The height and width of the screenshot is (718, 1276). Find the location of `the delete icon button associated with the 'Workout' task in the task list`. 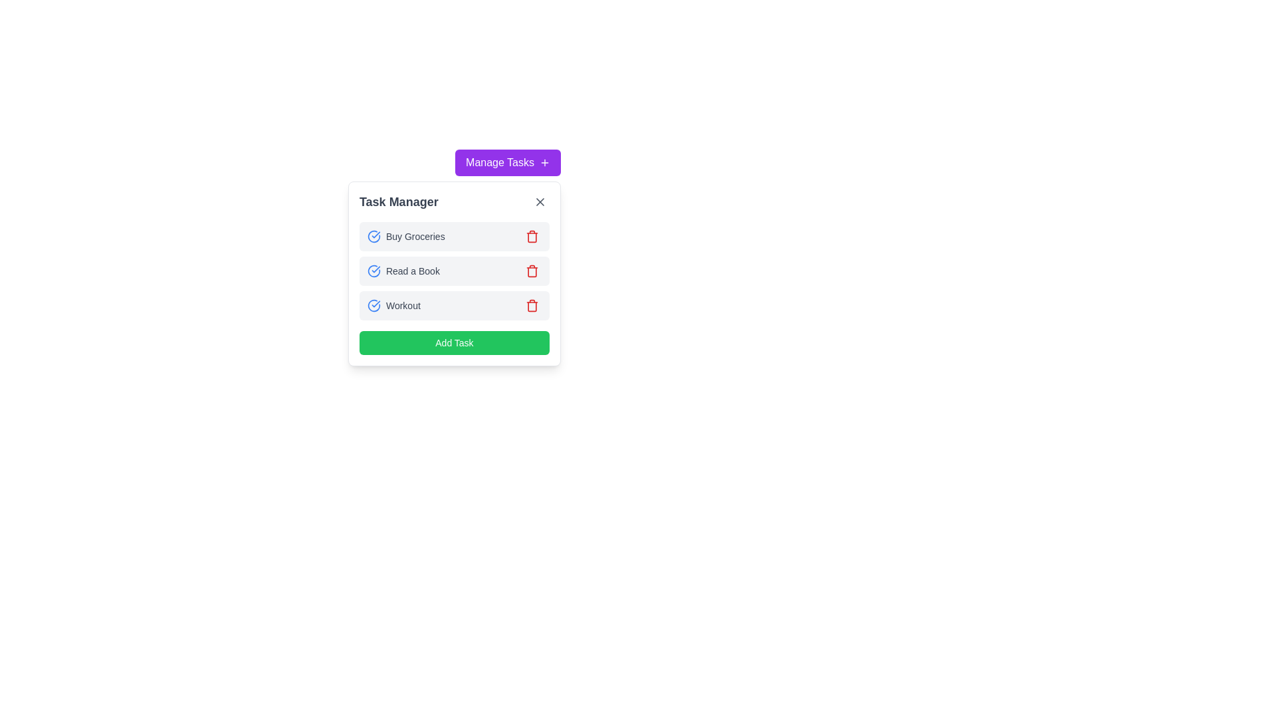

the delete icon button associated with the 'Workout' task in the task list is located at coordinates (532, 305).